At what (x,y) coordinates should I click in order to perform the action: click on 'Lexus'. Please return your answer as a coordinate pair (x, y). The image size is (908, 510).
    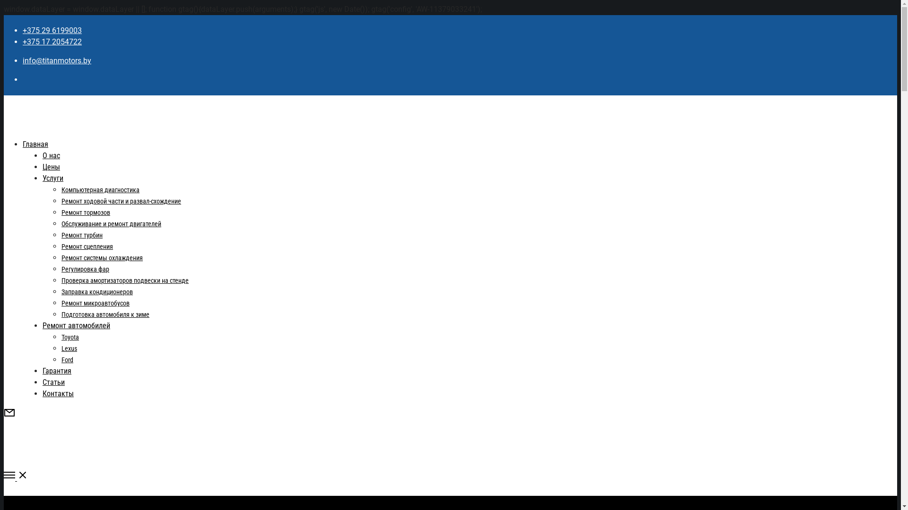
    Looking at the image, I should click on (61, 348).